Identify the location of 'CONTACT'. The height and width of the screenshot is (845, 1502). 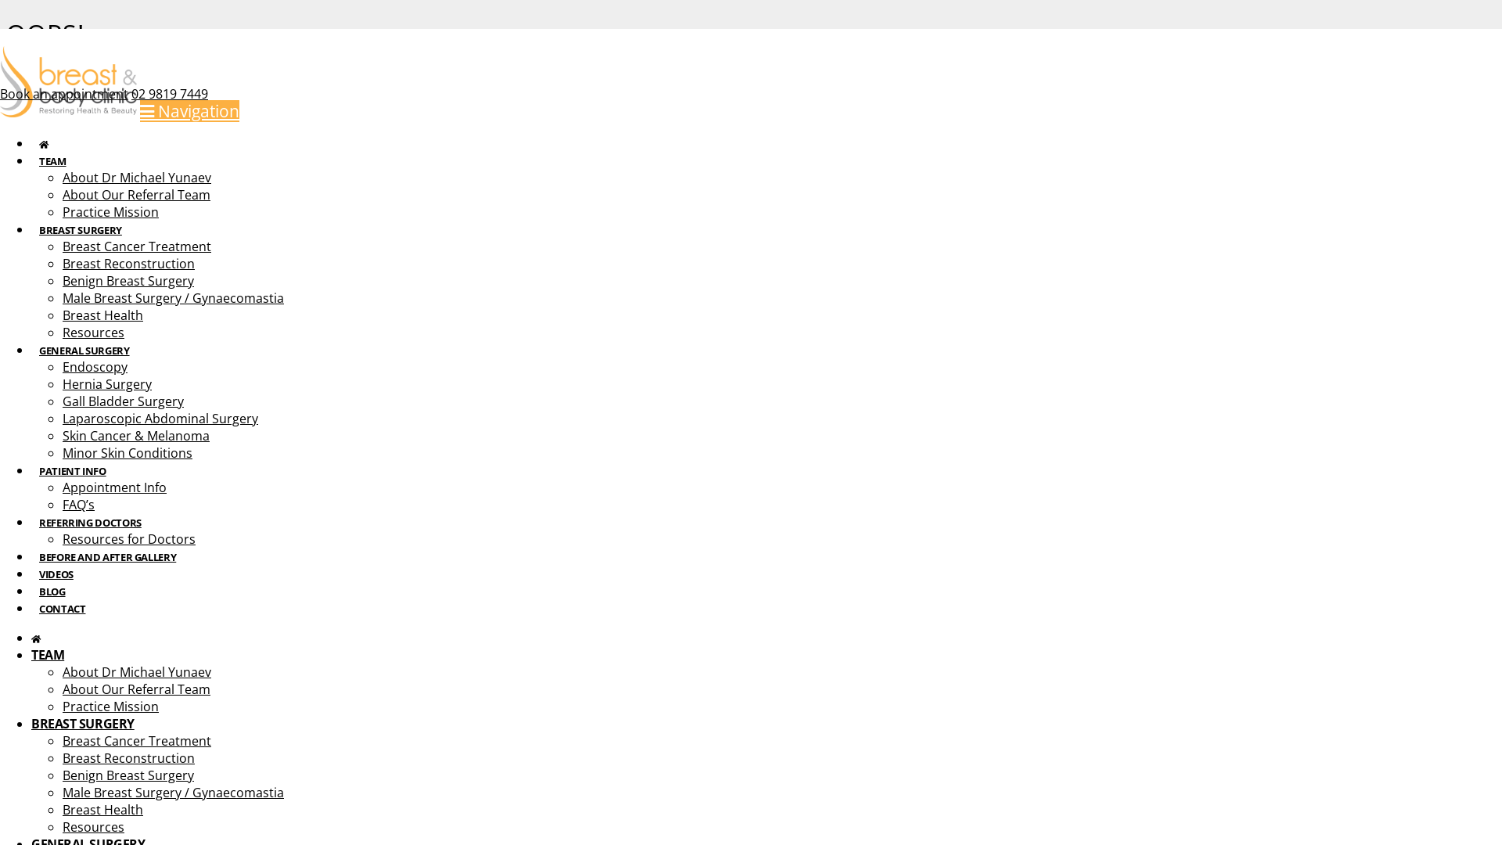
(62, 603).